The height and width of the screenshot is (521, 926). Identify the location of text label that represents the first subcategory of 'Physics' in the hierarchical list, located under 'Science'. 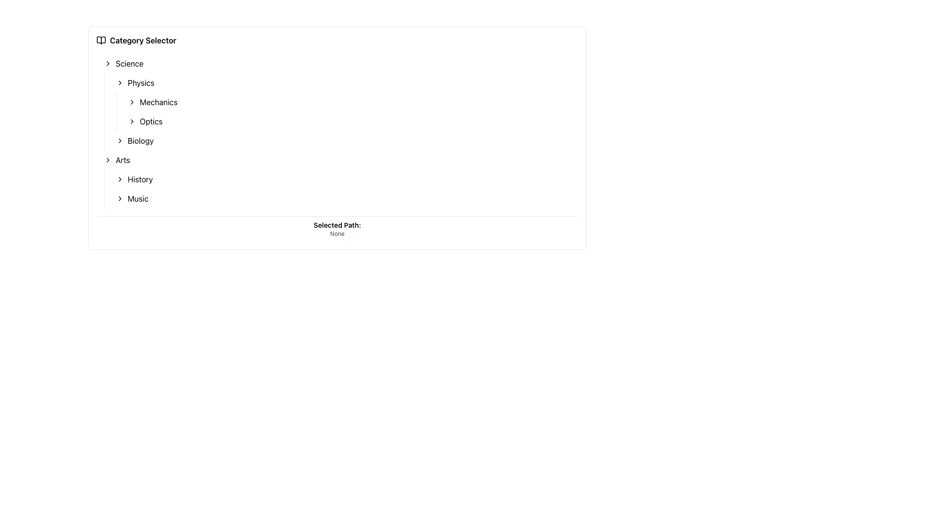
(159, 102).